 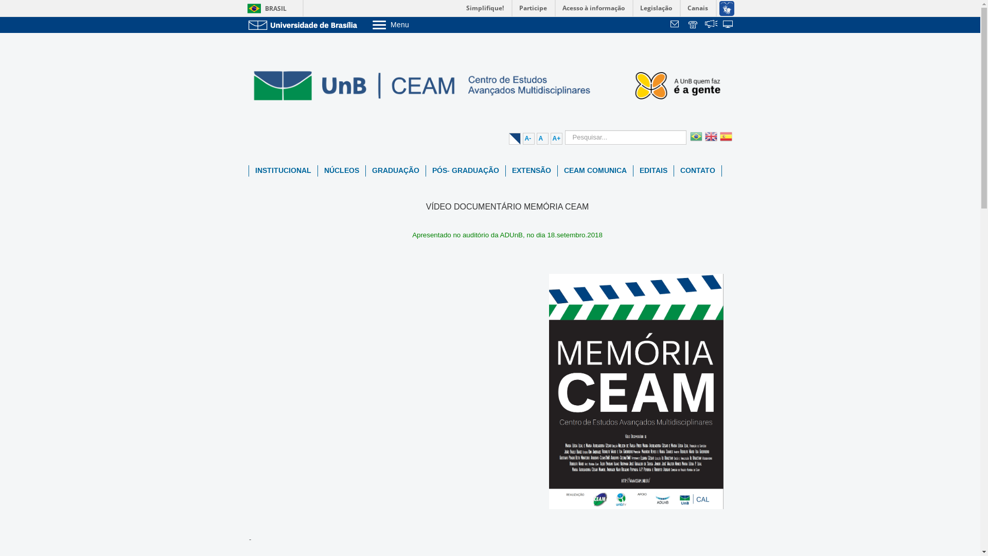 I want to click on 'A-', so click(x=523, y=138).